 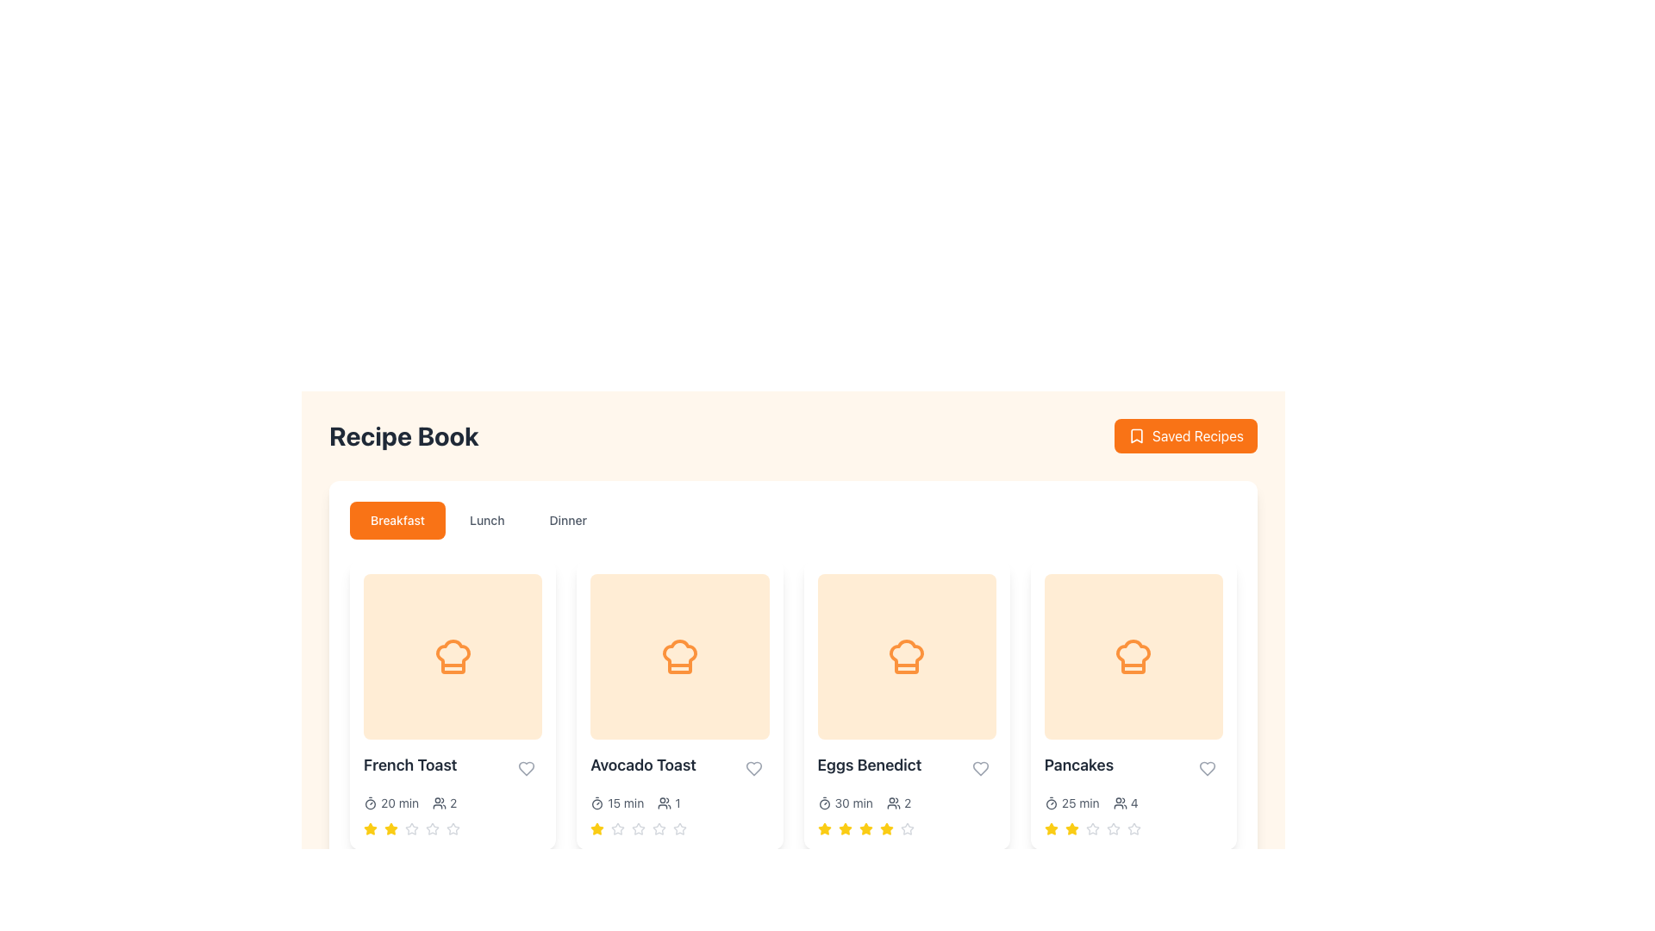 What do you see at coordinates (1050, 828) in the screenshot?
I see `the first star icon` at bounding box center [1050, 828].